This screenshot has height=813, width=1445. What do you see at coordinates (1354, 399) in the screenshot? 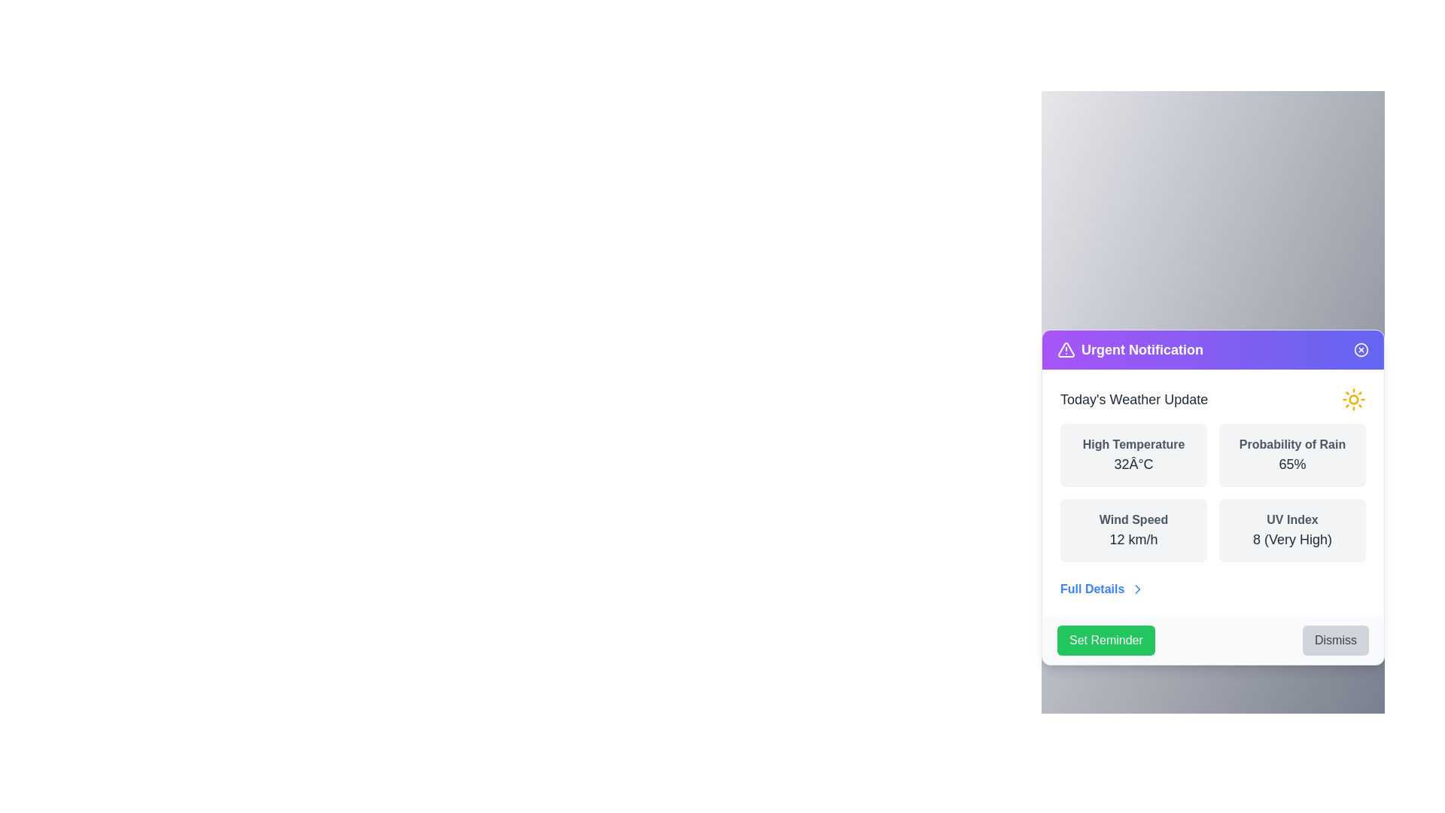
I see `the inner circular part of the sun-shaped icon in the top-right corner of the weather update notification interface` at bounding box center [1354, 399].